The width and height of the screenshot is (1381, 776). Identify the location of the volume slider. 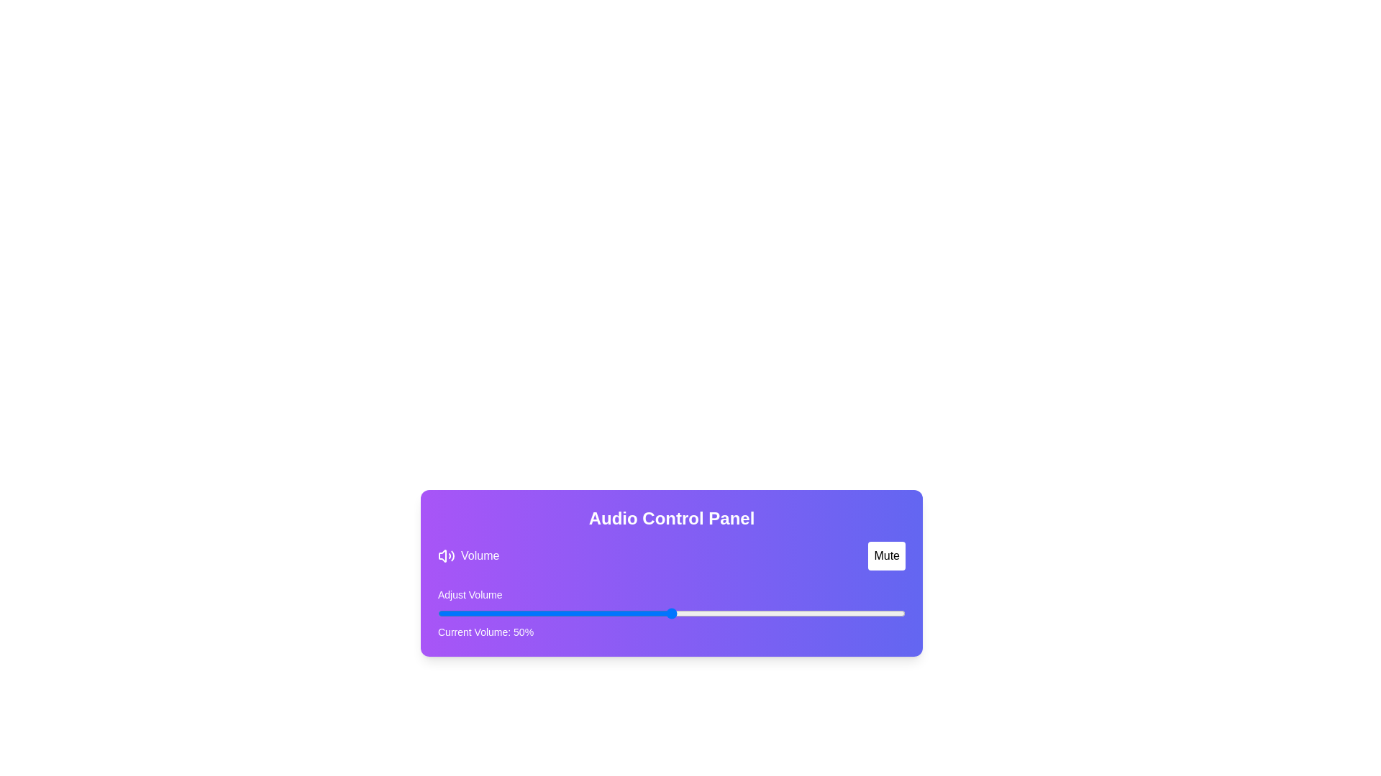
(802, 613).